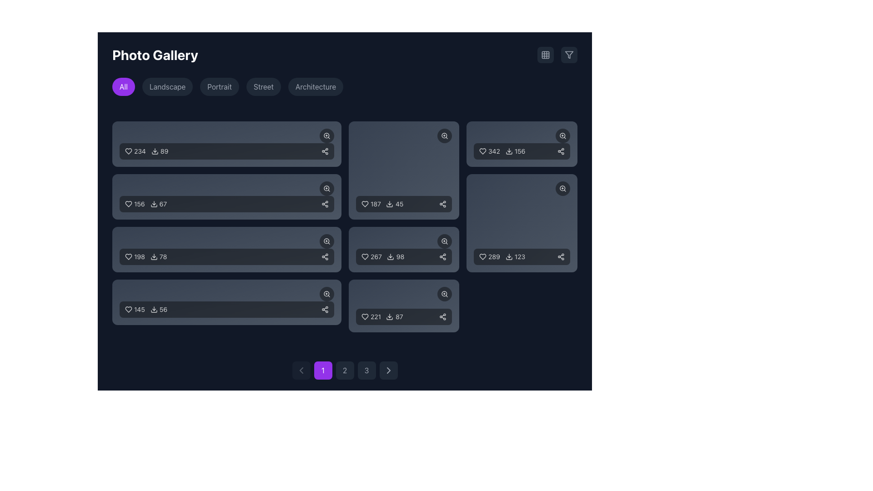  I want to click on the circular zoom-in icon represented as a magnifying glass with a '+' sign inside, so click(562, 188).